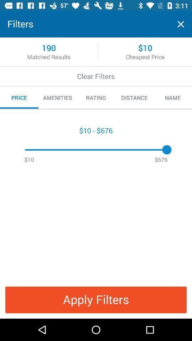 The image size is (192, 341). What do you see at coordinates (96, 299) in the screenshot?
I see `the icon below $10 item` at bounding box center [96, 299].